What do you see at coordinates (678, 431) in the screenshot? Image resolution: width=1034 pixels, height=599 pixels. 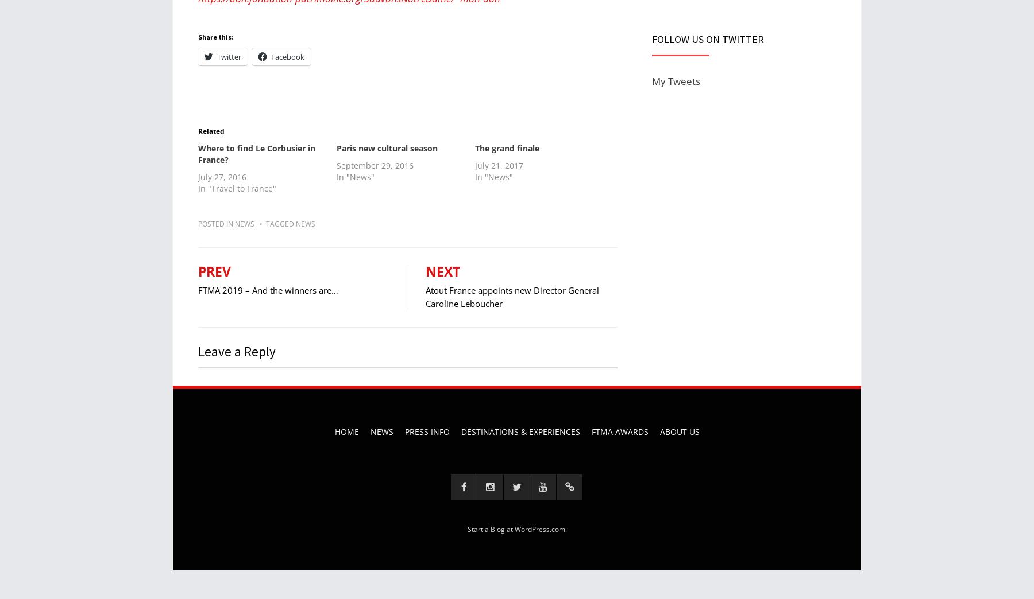 I see `'About us'` at bounding box center [678, 431].